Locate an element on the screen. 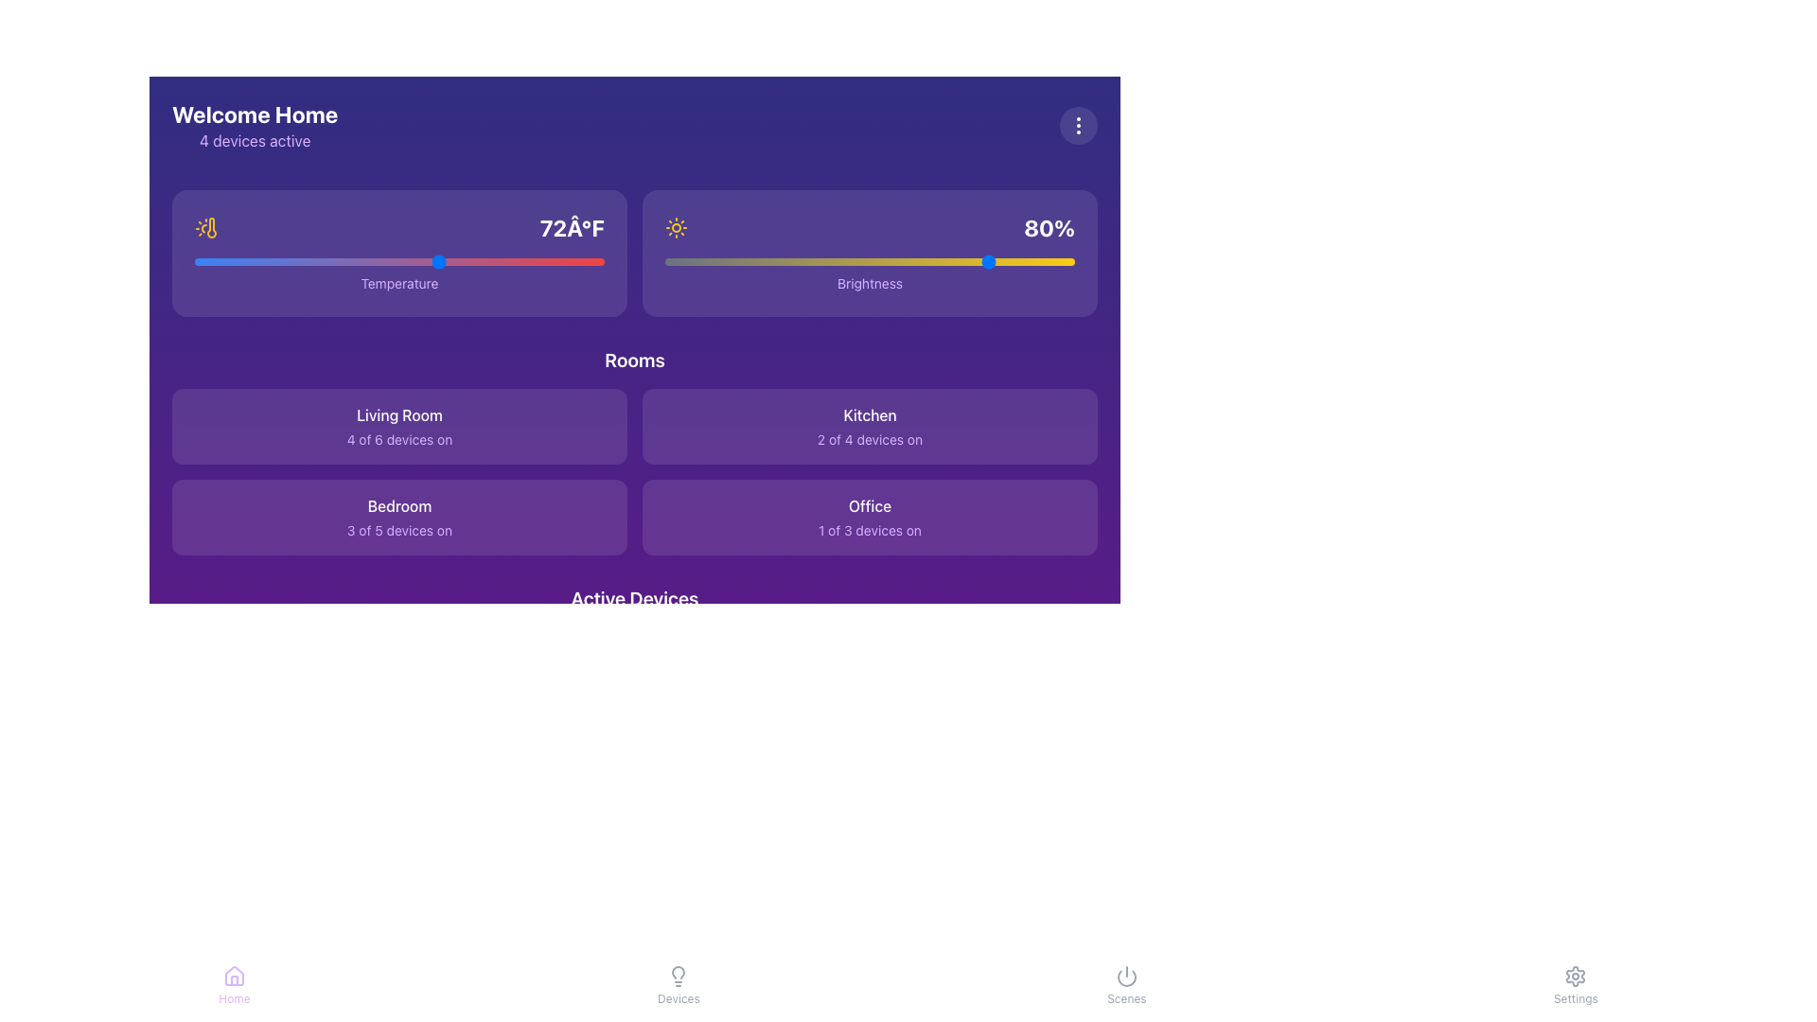 This screenshot has width=1817, height=1022. the Wi-Fi status indicator button located in the bottom-left region of the application interface is located at coordinates (208, 996).